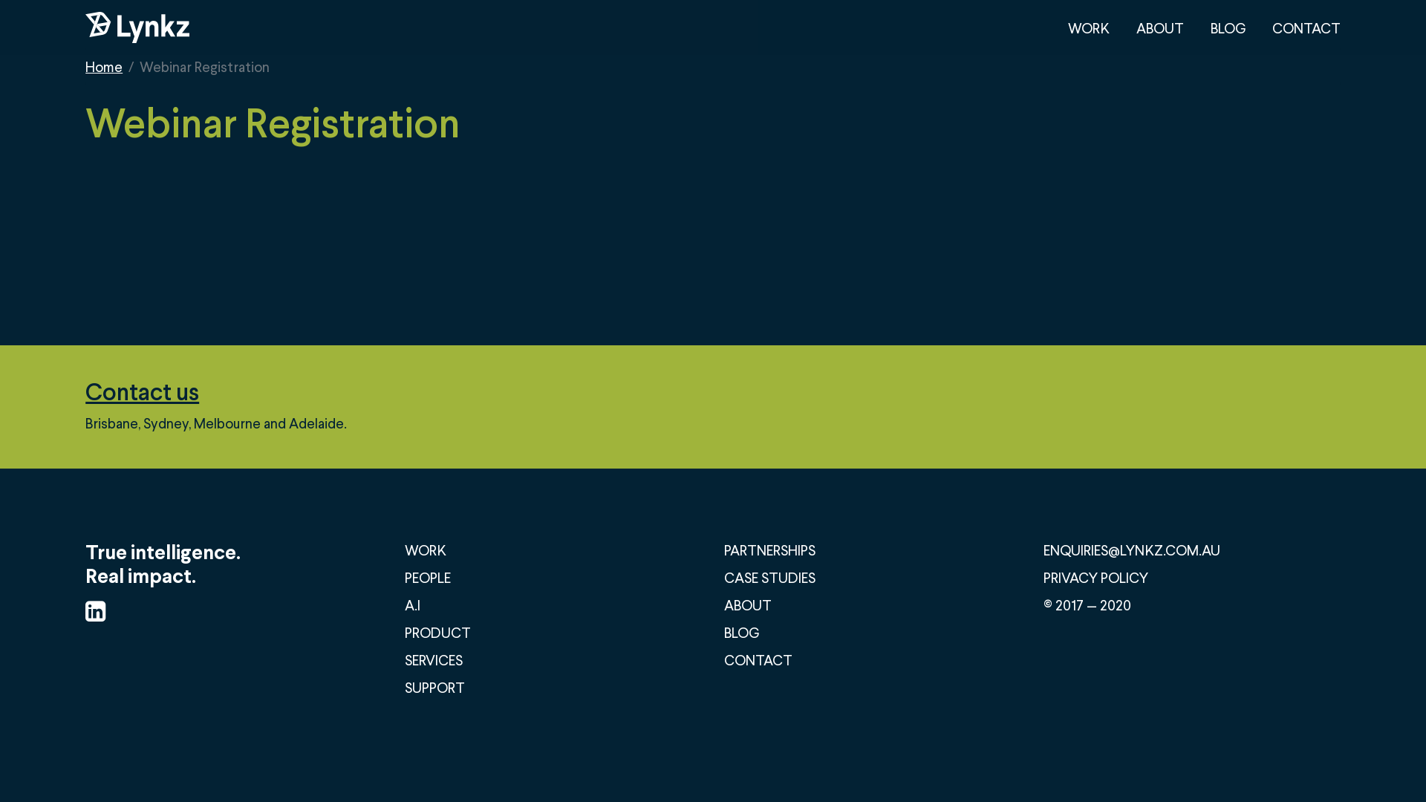  Describe the element at coordinates (1088, 27) in the screenshot. I see `'WORK'` at that location.